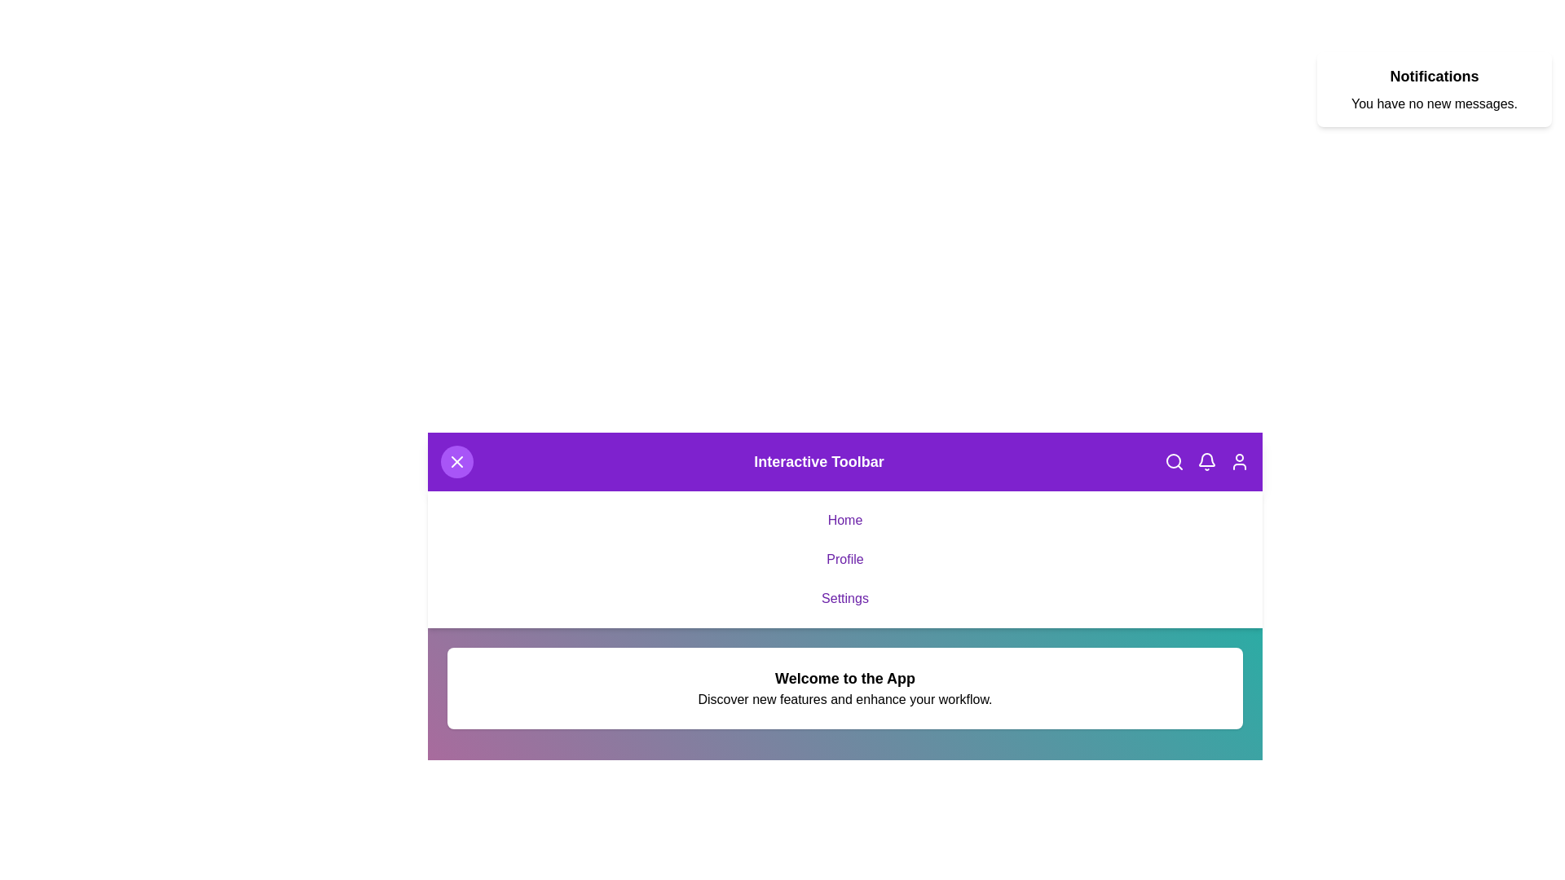 The width and height of the screenshot is (1565, 880). What do you see at coordinates (456, 462) in the screenshot?
I see `the menu button to toggle the menu visibility` at bounding box center [456, 462].